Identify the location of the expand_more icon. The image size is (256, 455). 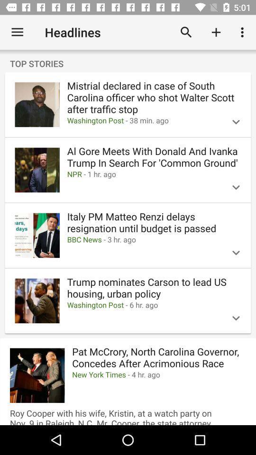
(235, 252).